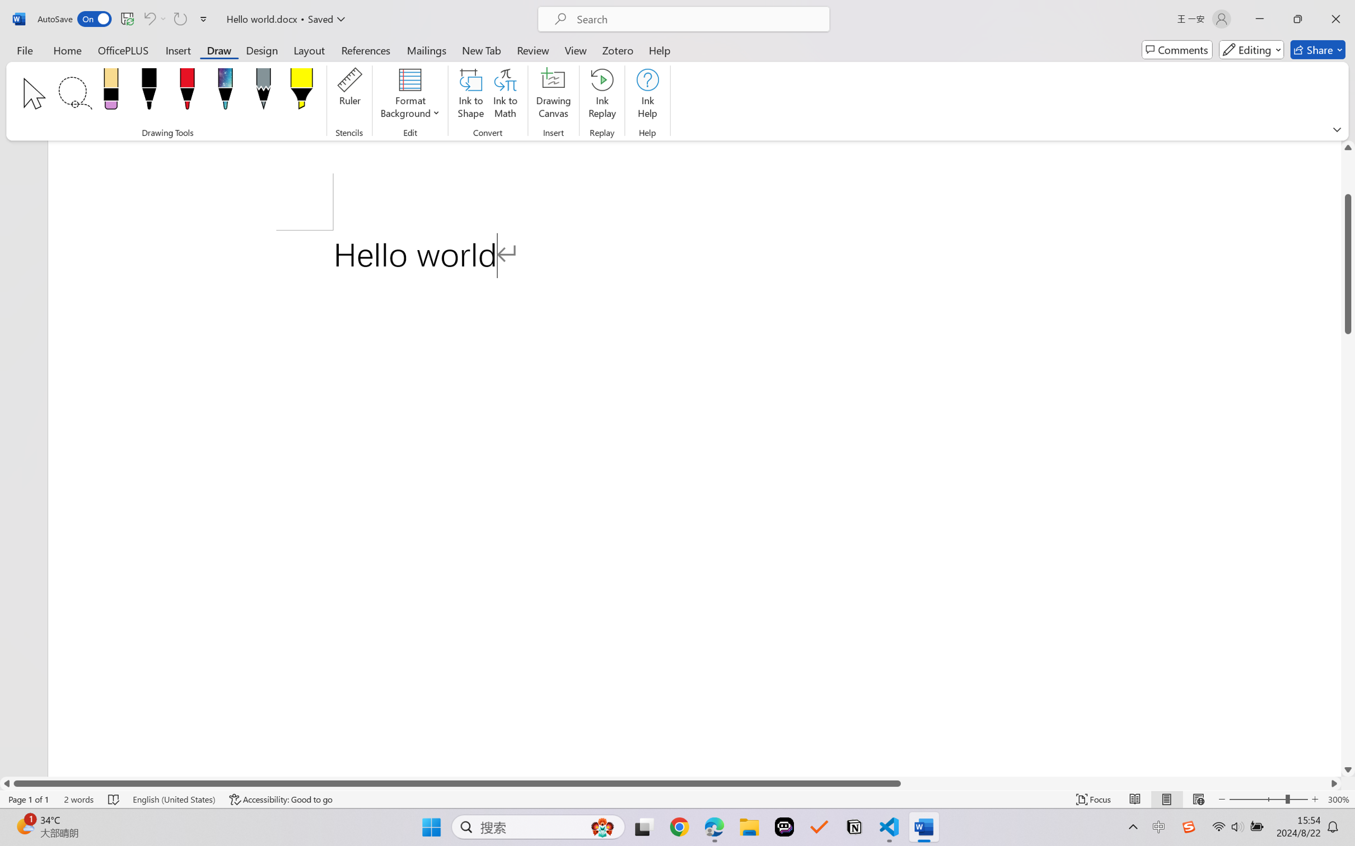 Image resolution: width=1355 pixels, height=846 pixels. What do you see at coordinates (127, 18) in the screenshot?
I see `'Save'` at bounding box center [127, 18].